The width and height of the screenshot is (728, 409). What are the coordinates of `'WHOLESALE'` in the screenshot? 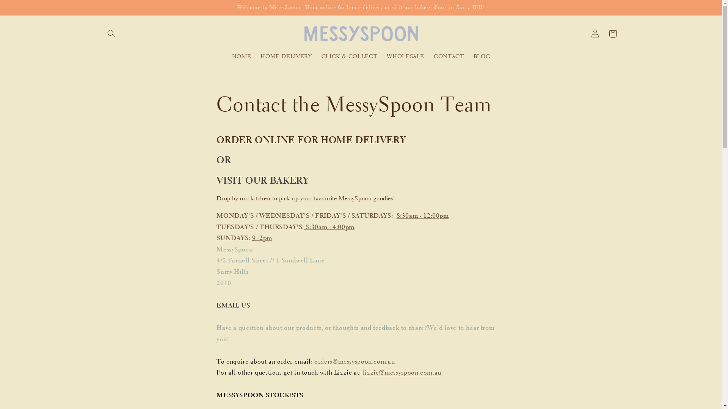 It's located at (382, 56).